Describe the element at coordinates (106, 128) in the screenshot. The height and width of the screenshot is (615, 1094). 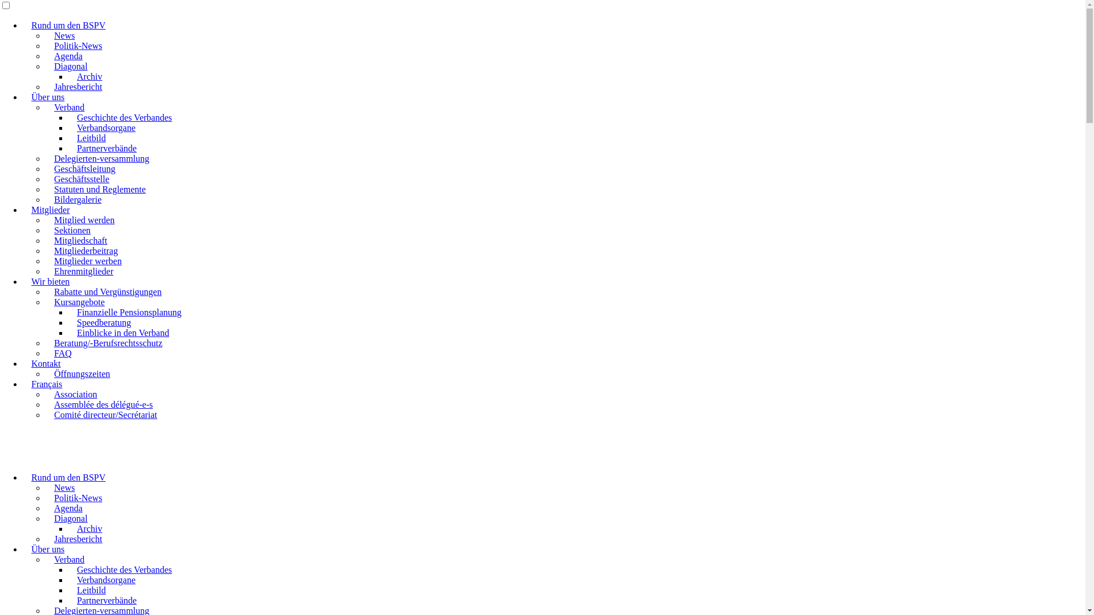
I see `'Verbandsorgane'` at that location.